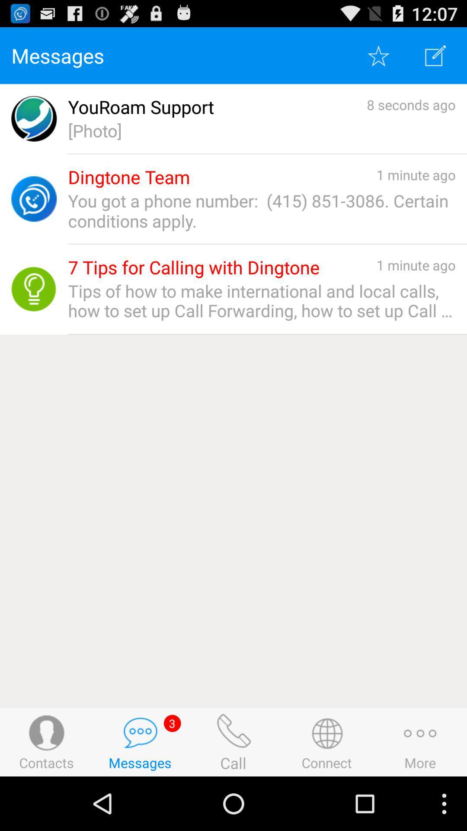 This screenshot has height=831, width=467. What do you see at coordinates (435, 59) in the screenshot?
I see `the edit icon` at bounding box center [435, 59].